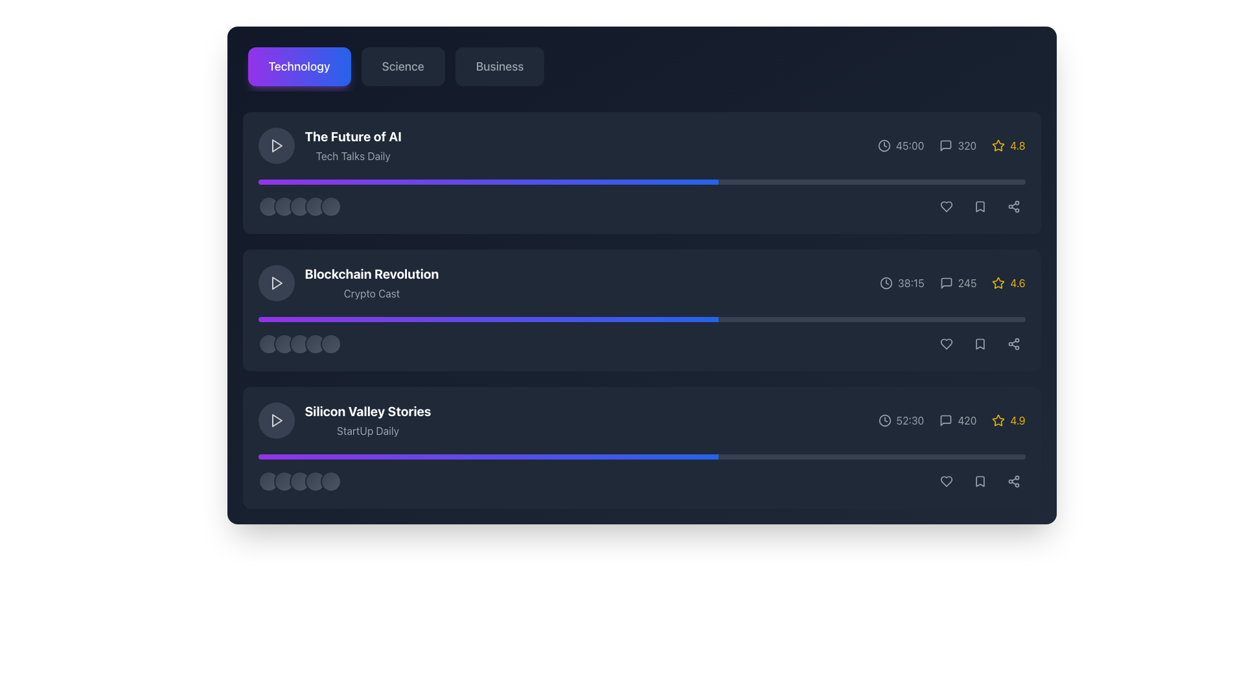 The image size is (1244, 700). Describe the element at coordinates (958, 282) in the screenshot. I see `the icon-label pair displaying the numerical label '245' next to the commenting bubble icon` at that location.